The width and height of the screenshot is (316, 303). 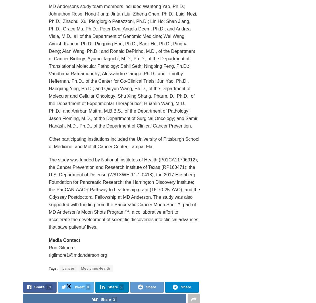 What do you see at coordinates (124, 142) in the screenshot?
I see `'Other participating institutions included the University of Pittsburgh School of Medicine; and Moffitt Cancer Center, Tampa, Fla.'` at bounding box center [124, 142].